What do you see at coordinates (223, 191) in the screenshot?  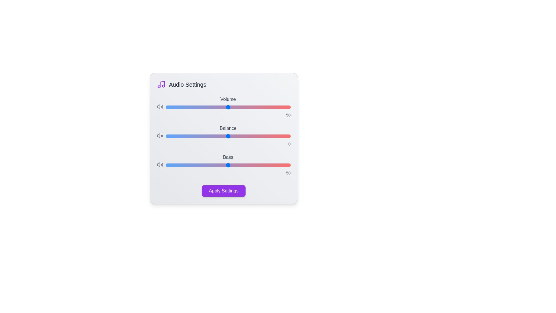 I see `the 'Apply Settings' button` at bounding box center [223, 191].